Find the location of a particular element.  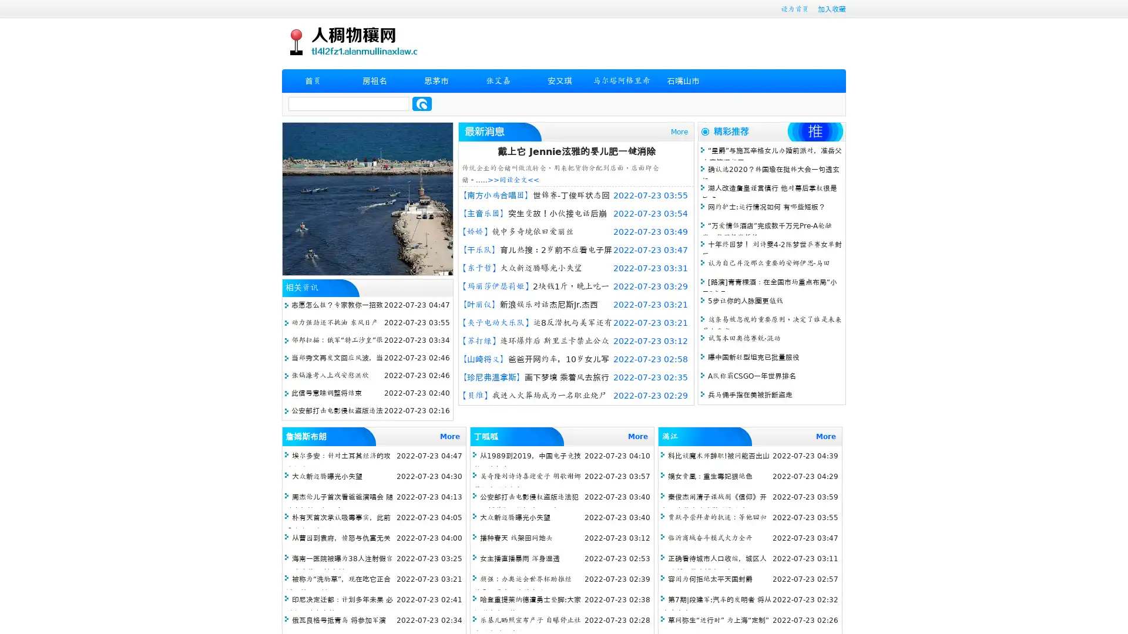

Search is located at coordinates (422, 103).